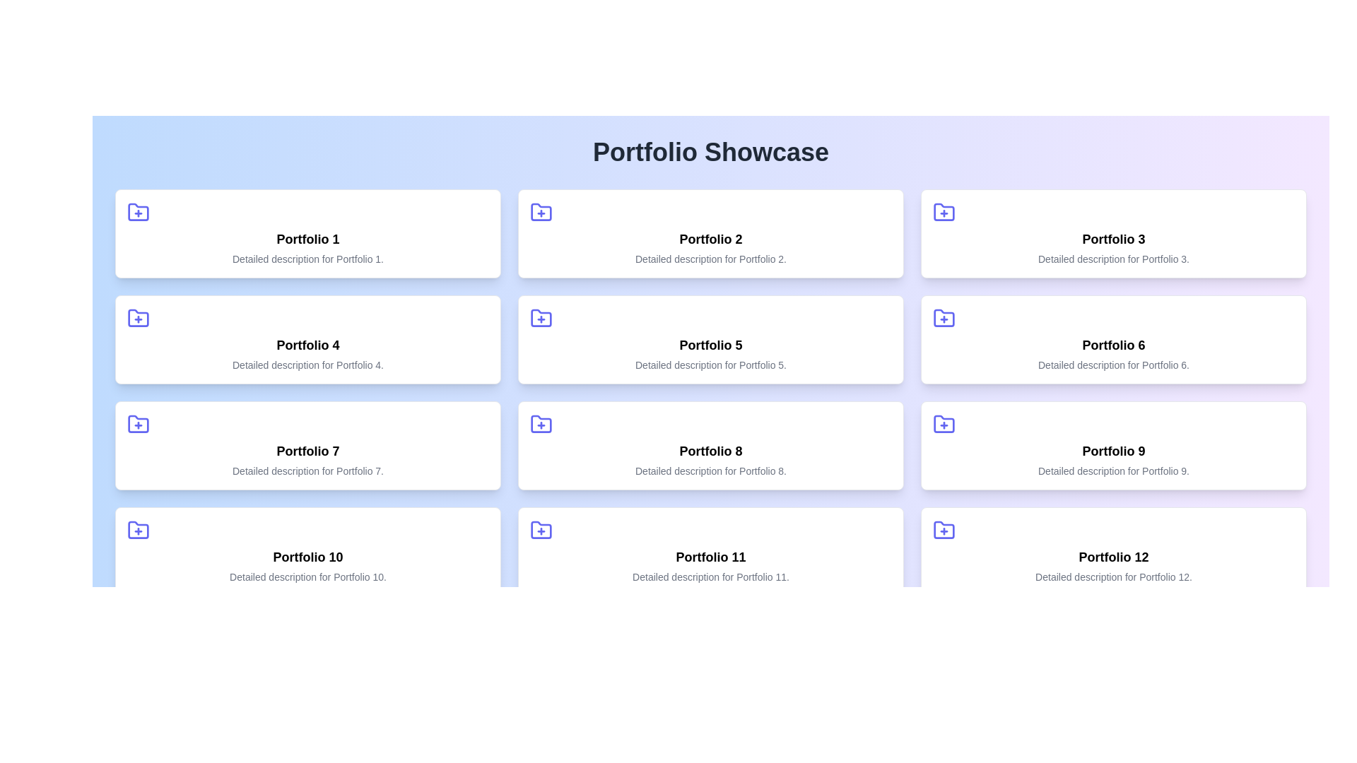 The image size is (1357, 763). Describe the element at coordinates (307, 471) in the screenshot. I see `the static text element that displays 'Detailed description for Portfolio 7.', located underneath the bold text 'Portfolio 7' within the card-like structure of the seventh portfolio item` at that location.